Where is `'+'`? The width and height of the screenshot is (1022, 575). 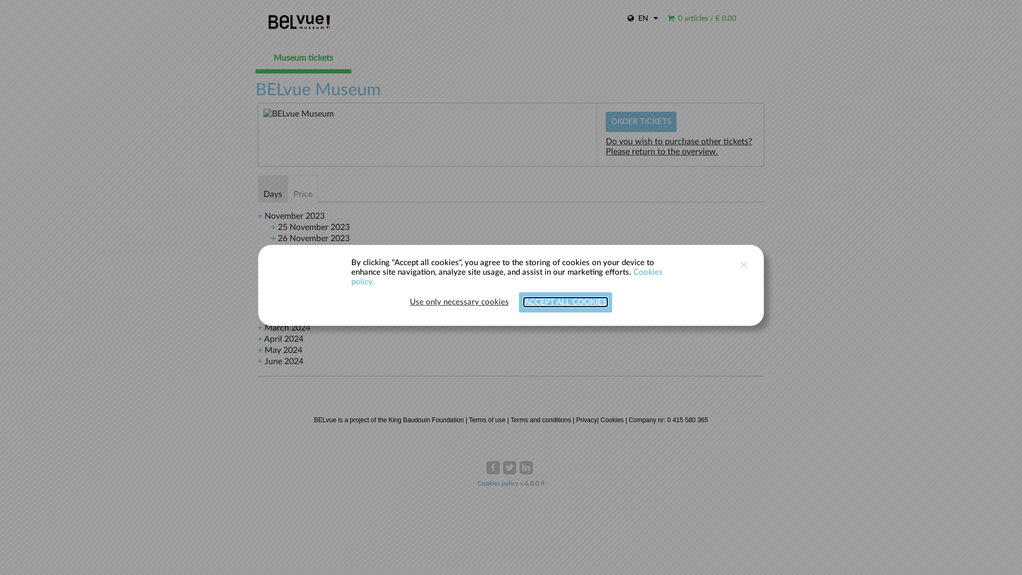
'+' is located at coordinates (260, 360).